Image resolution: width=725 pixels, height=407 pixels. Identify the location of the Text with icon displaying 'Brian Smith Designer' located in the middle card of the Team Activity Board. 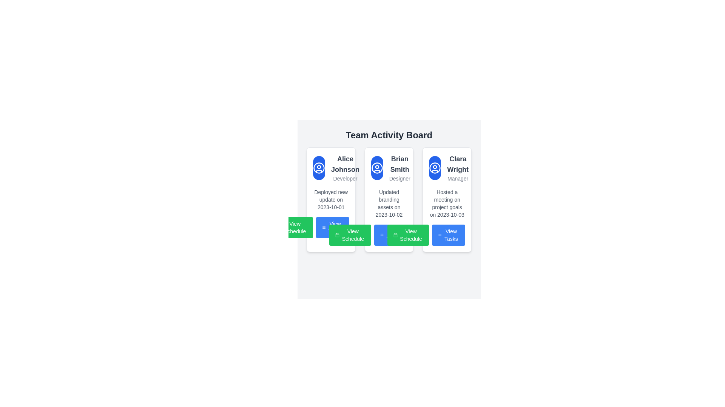
(389, 168).